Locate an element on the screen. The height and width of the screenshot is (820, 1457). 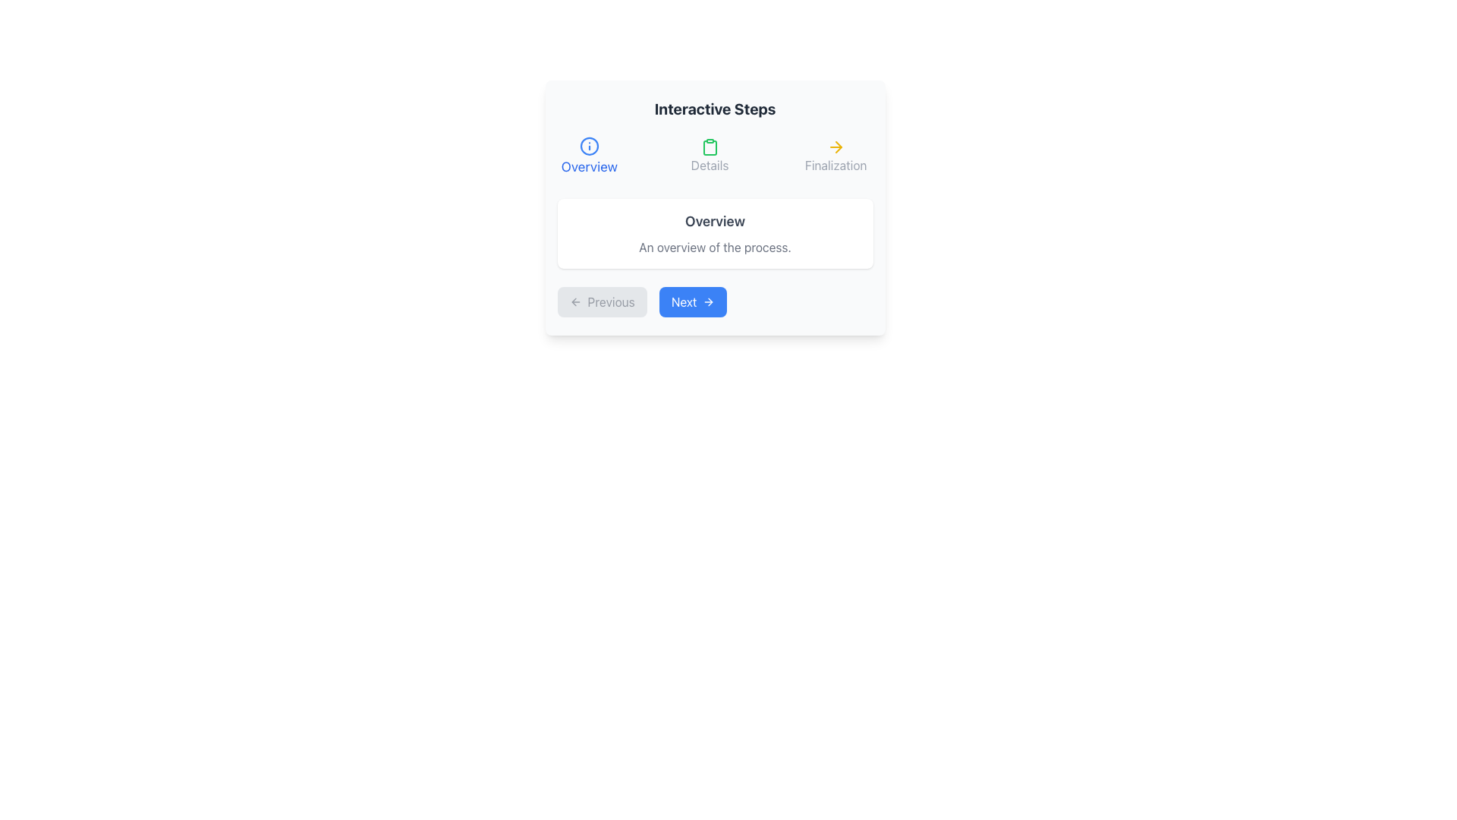
the text label displaying the word 'Details' is located at coordinates (709, 166).